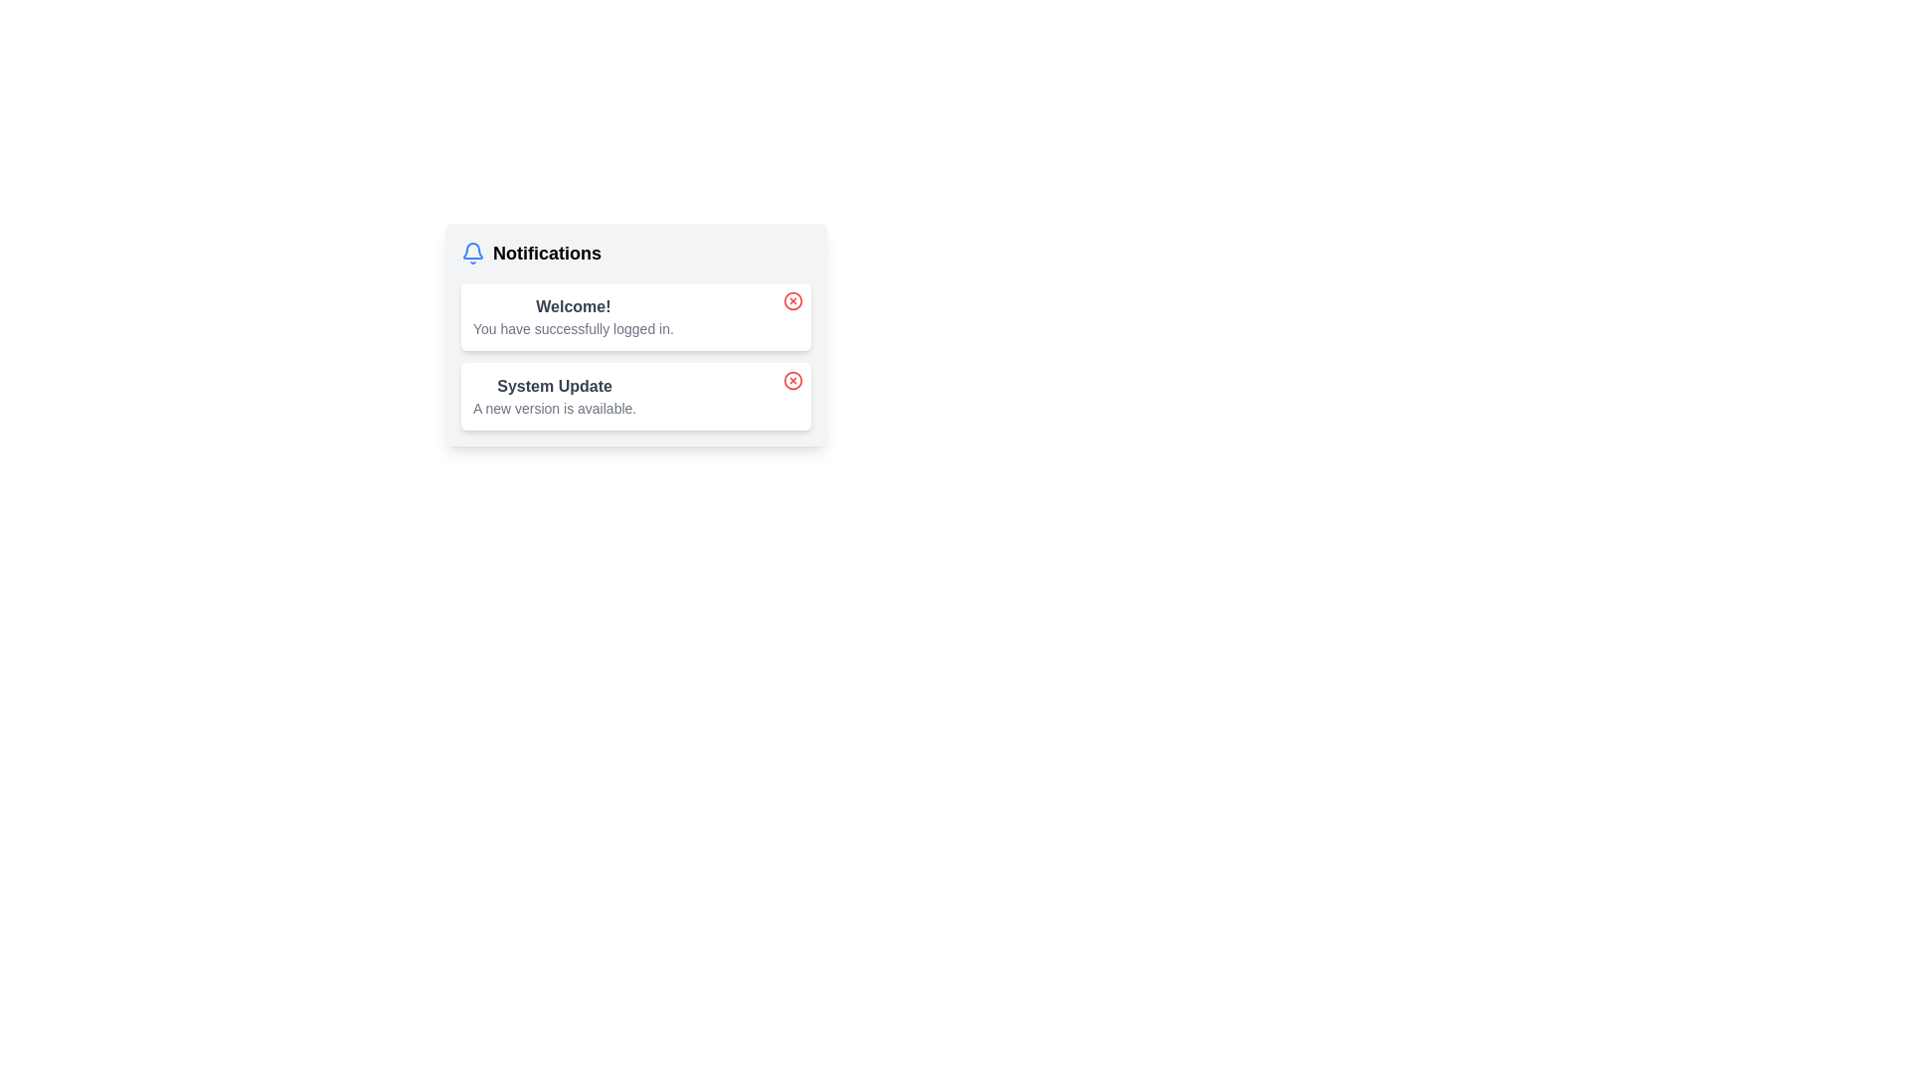 The image size is (1909, 1074). Describe the element at coordinates (471, 252) in the screenshot. I see `the bell icon located to the left of the text 'Notifications' which signifies alerts or messages` at that location.